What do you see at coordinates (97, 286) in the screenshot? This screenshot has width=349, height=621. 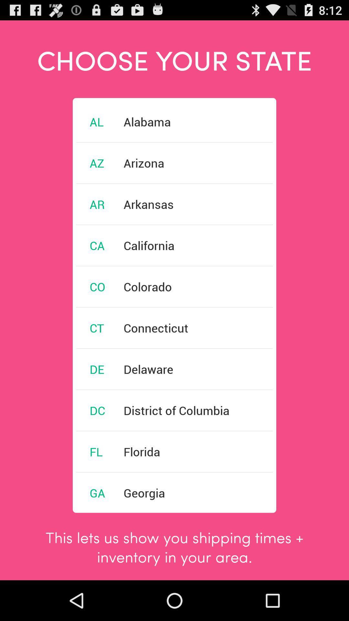 I see `item above ct` at bounding box center [97, 286].